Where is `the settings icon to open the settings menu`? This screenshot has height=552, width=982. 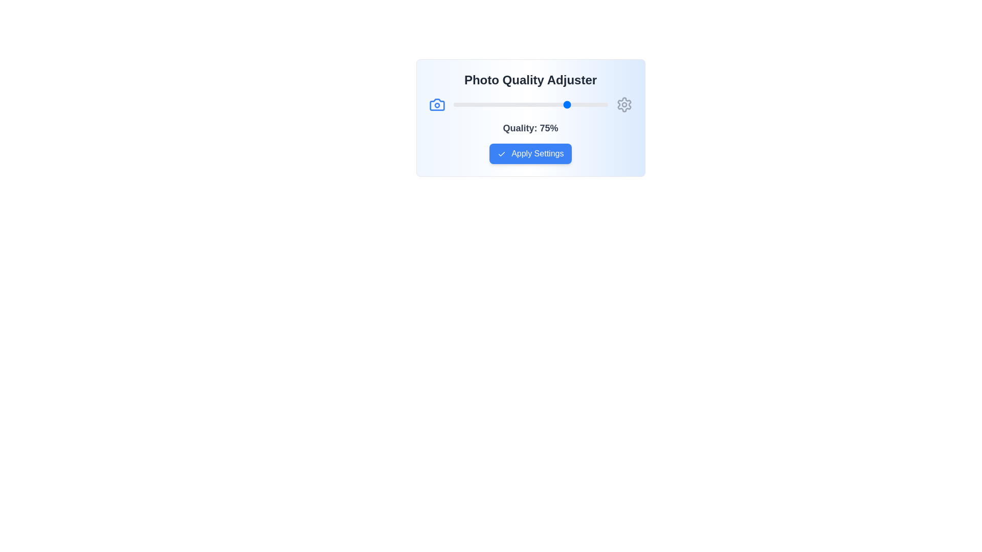
the settings icon to open the settings menu is located at coordinates (623, 104).